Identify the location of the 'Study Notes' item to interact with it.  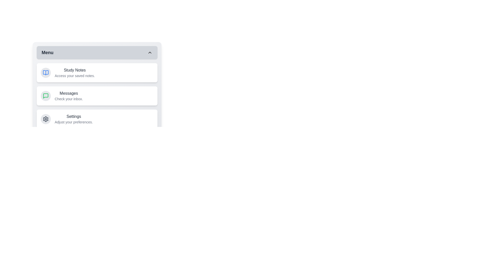
(97, 73).